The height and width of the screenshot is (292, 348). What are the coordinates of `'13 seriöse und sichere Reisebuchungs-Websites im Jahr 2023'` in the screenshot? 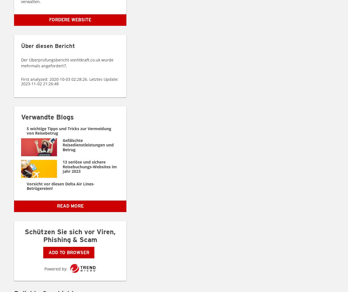 It's located at (62, 166).